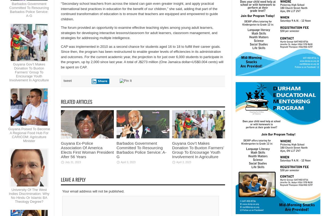  Describe the element at coordinates (8, 195) in the screenshot. I see `'University Of The West Indies Discrimination: Why No Hindu Or Islamic BA Theology Degree?'` at that location.